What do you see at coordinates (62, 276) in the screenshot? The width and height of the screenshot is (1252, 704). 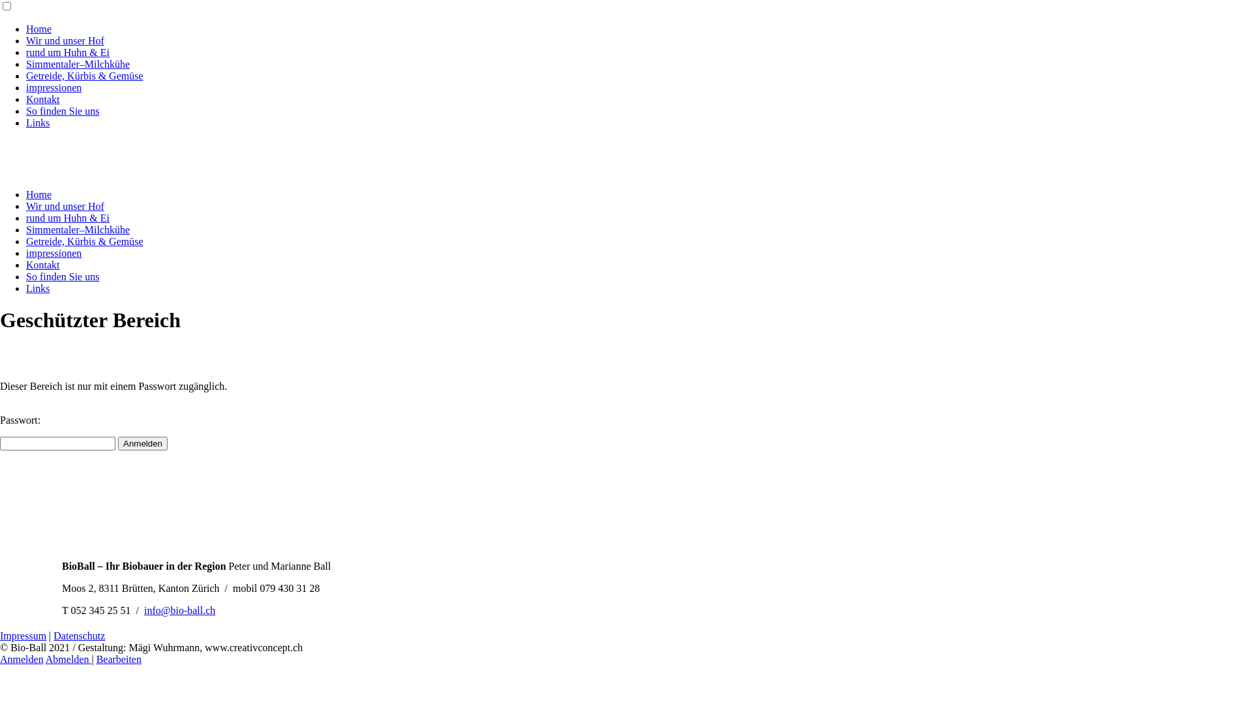 I see `'So finden Sie uns'` at bounding box center [62, 276].